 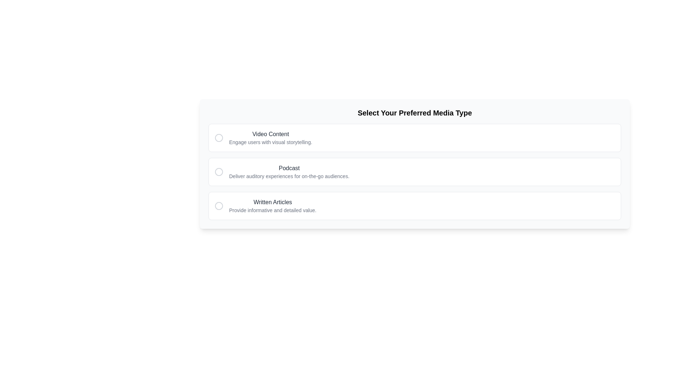 What do you see at coordinates (415, 172) in the screenshot?
I see `the second card in the list that represents 'Podcast'` at bounding box center [415, 172].